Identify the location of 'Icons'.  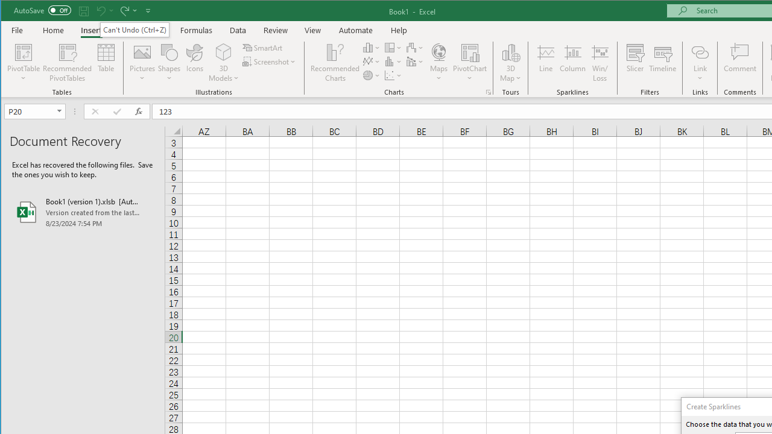
(195, 63).